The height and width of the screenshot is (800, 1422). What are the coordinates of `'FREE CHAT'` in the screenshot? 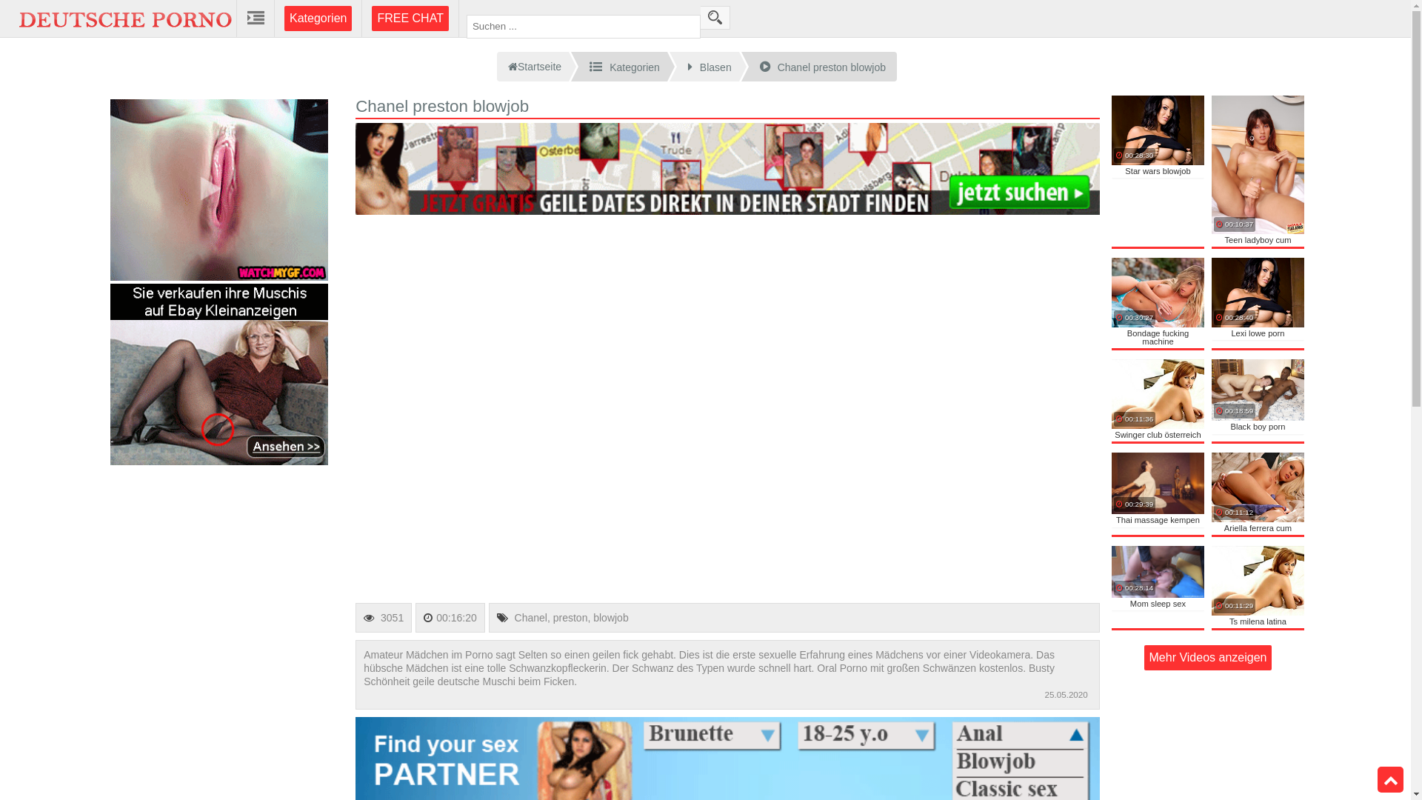 It's located at (410, 18).